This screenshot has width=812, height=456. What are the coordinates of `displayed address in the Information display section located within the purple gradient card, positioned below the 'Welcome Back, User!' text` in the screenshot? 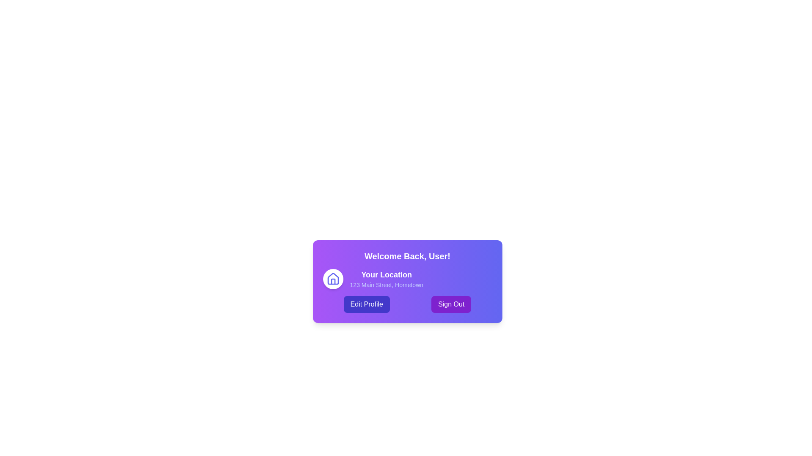 It's located at (407, 279).